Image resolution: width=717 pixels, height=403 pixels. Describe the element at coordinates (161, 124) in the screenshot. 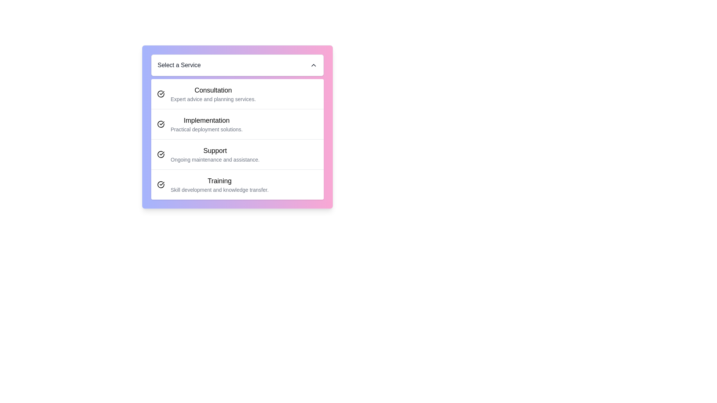

I see `the selection indication by clicking on the icon that indicates the 'Implementation' option is selected, located at the leftmost section of the 'Implementation' list item` at that location.